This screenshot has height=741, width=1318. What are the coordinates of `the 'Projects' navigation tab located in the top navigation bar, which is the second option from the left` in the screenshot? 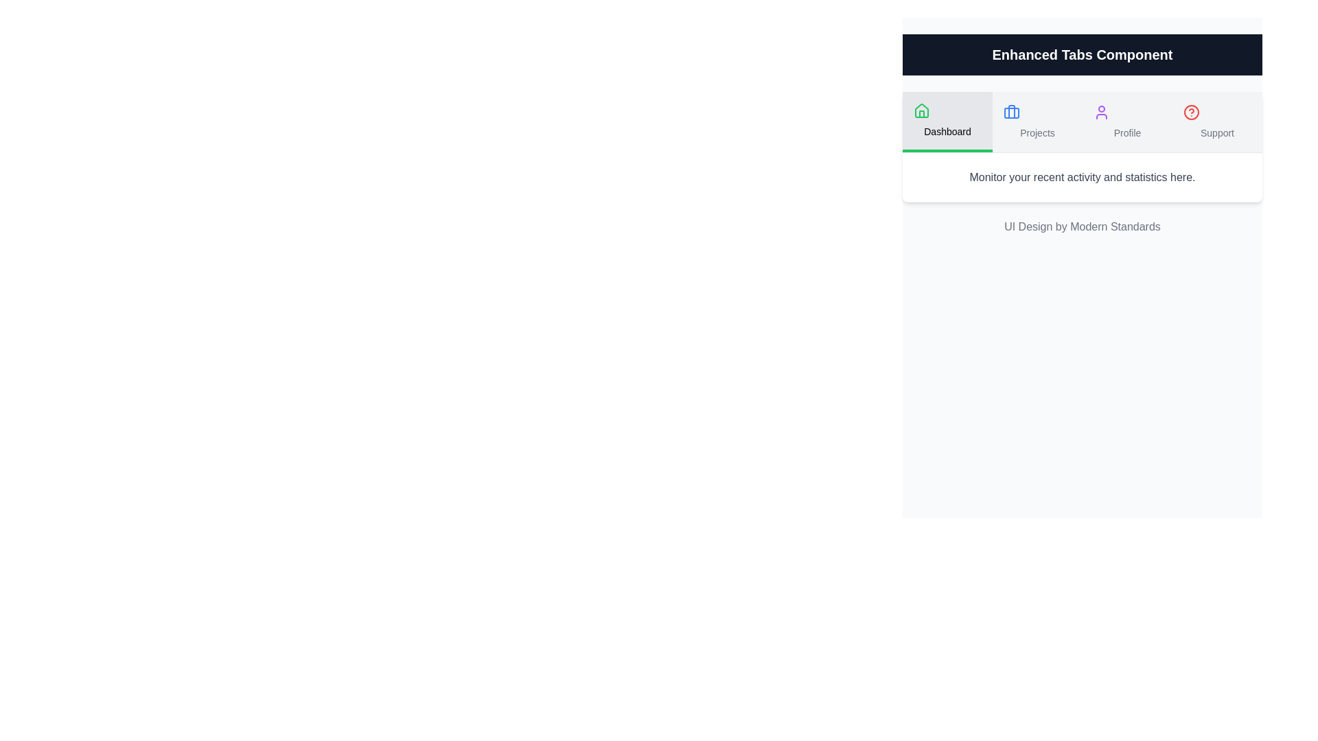 It's located at (1037, 121).